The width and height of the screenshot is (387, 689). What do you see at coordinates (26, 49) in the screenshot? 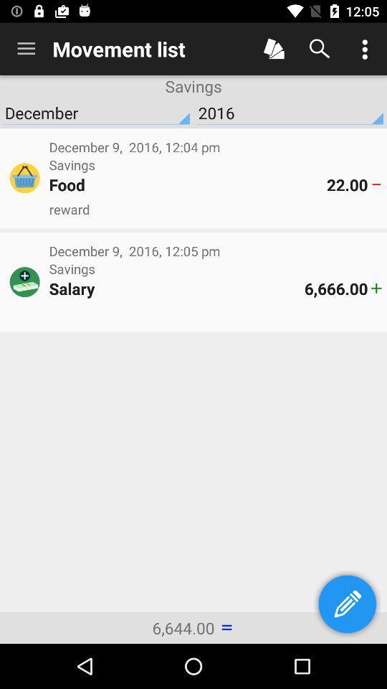
I see `item next to movement list` at bounding box center [26, 49].